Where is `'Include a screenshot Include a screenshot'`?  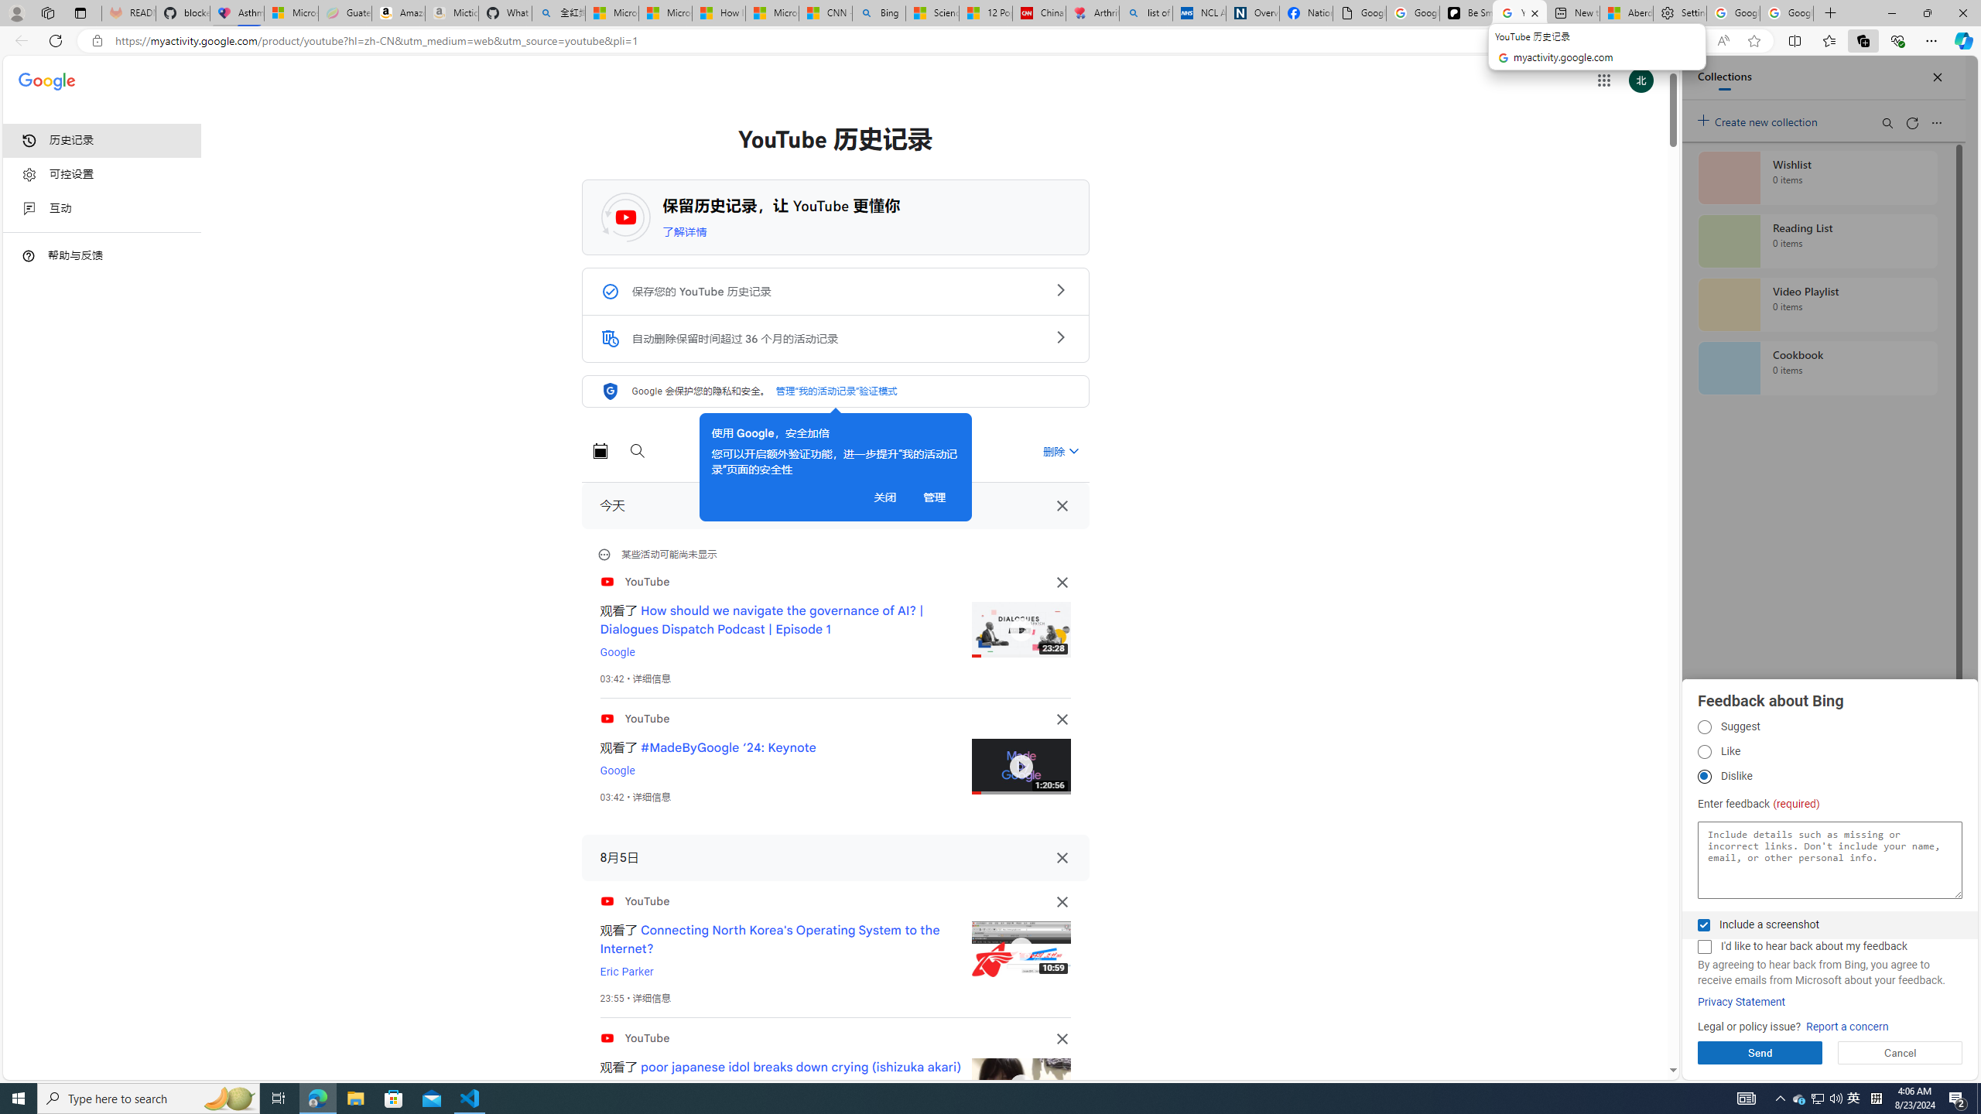
'Include a screenshot Include a screenshot' is located at coordinates (1703, 924).